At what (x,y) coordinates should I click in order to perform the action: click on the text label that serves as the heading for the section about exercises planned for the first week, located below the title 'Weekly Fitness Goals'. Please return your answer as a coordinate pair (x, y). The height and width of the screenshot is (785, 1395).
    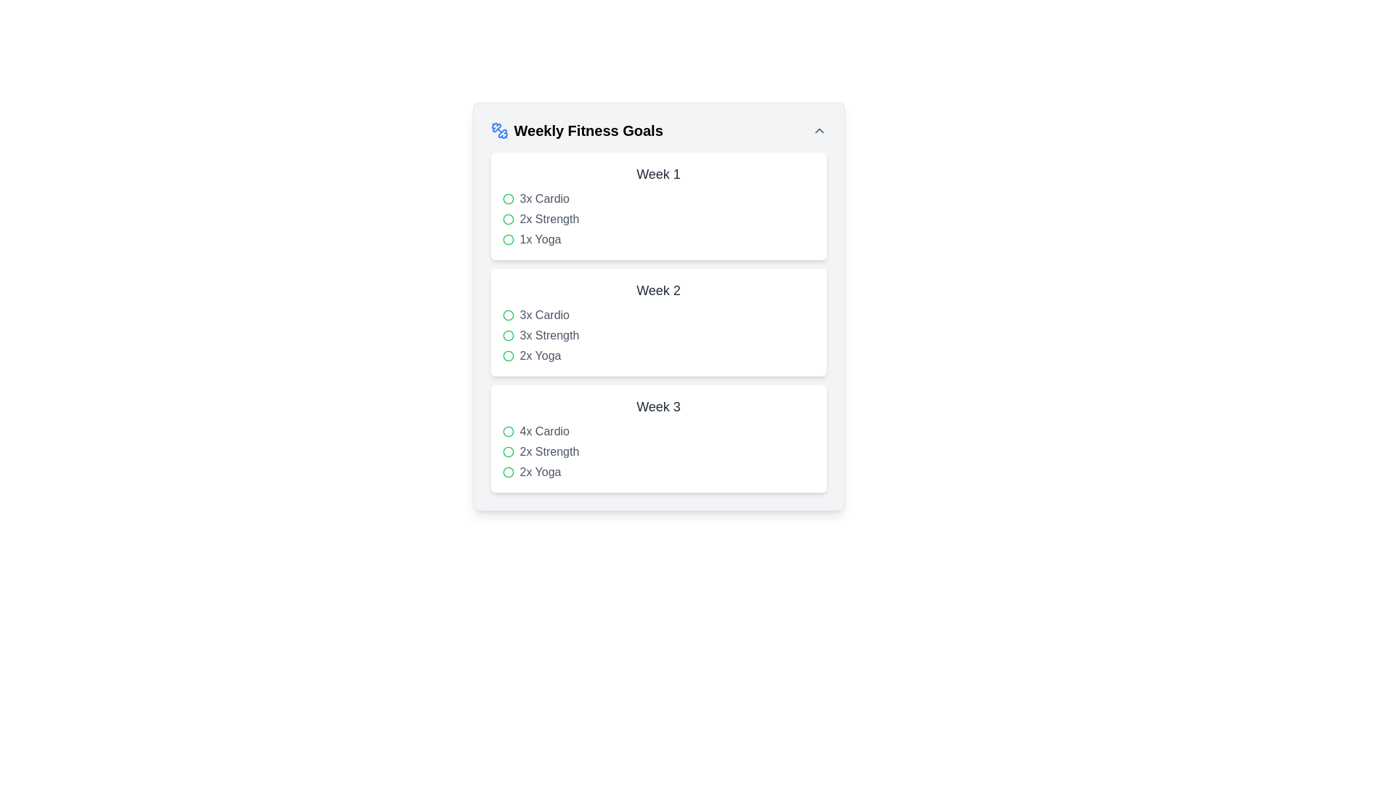
    Looking at the image, I should click on (658, 173).